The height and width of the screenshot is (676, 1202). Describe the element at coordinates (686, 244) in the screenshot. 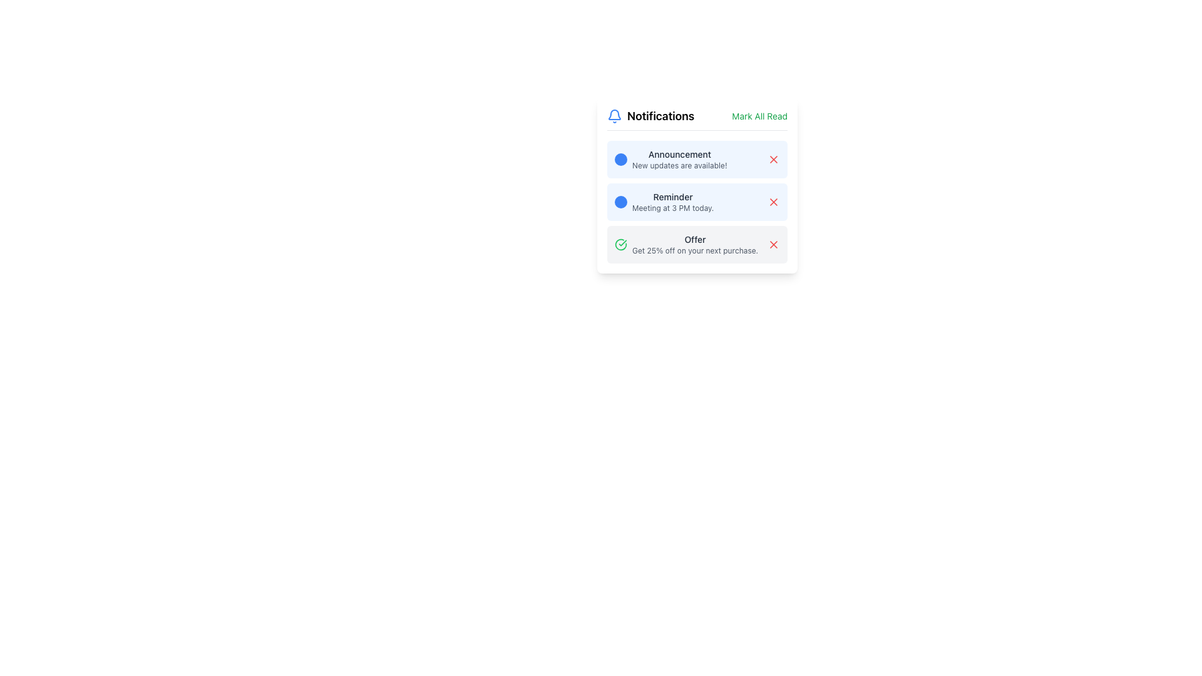

I see `the Notification Card that displays a promotional offer of 25% off, located at the bottom of the notification panel, aligned to the left` at that location.